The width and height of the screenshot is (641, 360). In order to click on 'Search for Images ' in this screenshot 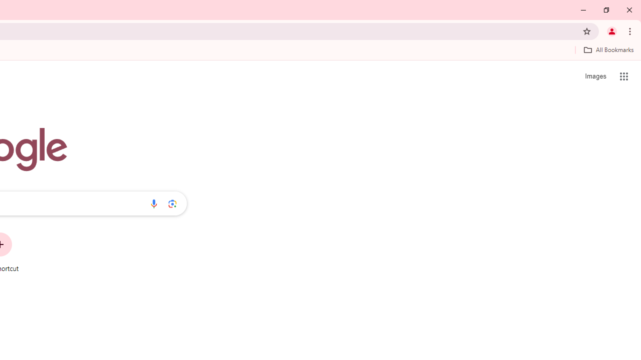, I will do `click(595, 76)`.